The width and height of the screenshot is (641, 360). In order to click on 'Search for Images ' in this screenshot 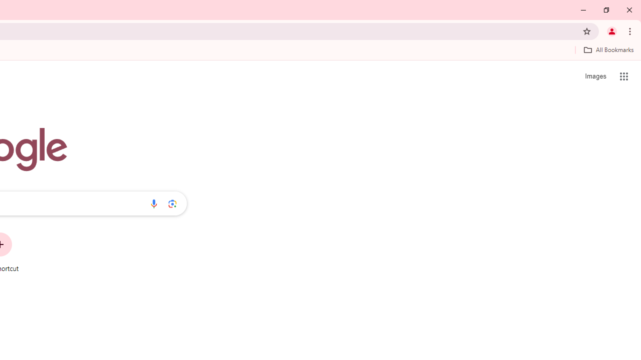, I will do `click(595, 76)`.